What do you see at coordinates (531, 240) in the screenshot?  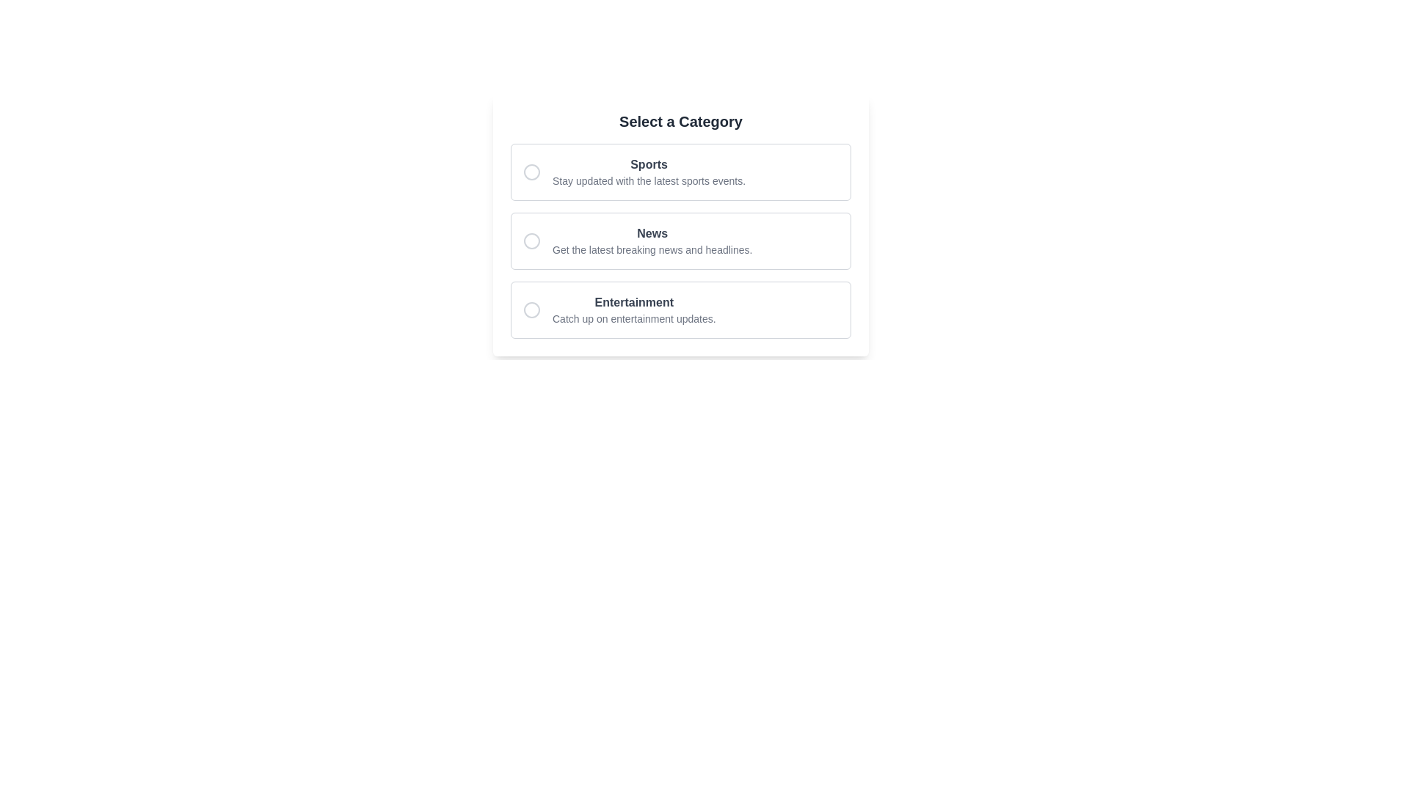 I see `the inner circle of the radio button` at bounding box center [531, 240].